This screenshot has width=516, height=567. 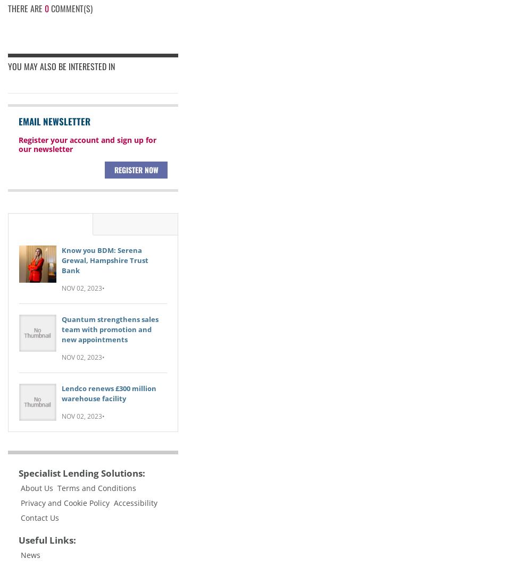 I want to click on 'Terms and Conditions', so click(x=96, y=487).